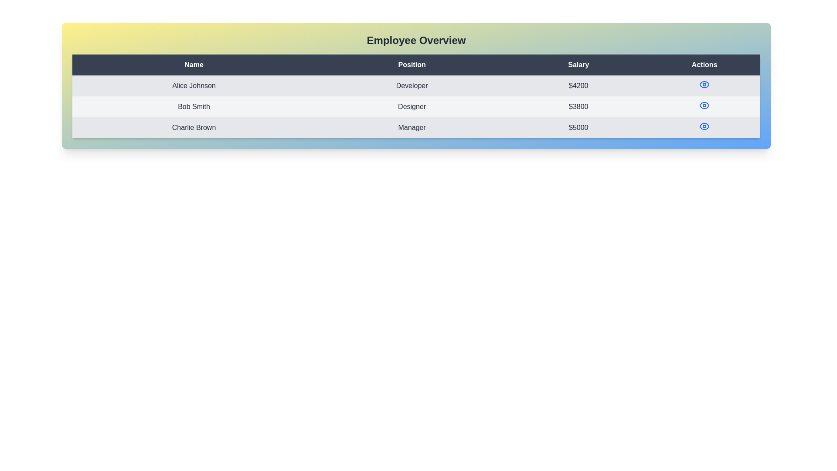 Image resolution: width=837 pixels, height=471 pixels. Describe the element at coordinates (416, 128) in the screenshot. I see `the data row element in the employee information table, located between 'Bob Smith' and the table's bottom border, aligned with headers 'Name', 'Position', and 'Salary'` at that location.